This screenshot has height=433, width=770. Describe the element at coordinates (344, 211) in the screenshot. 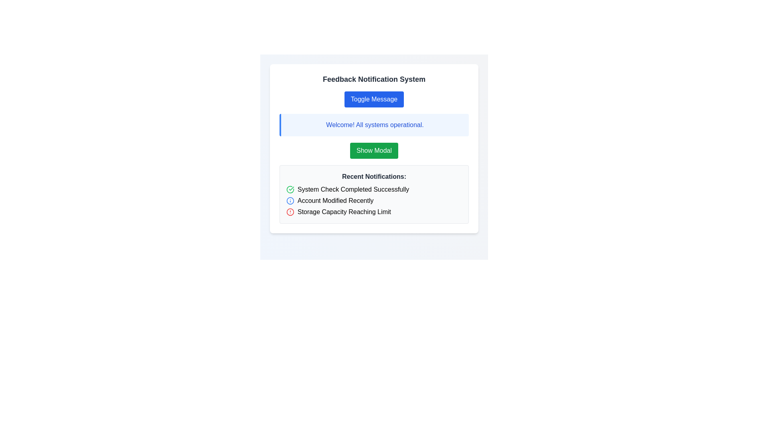

I see `the text label "Storage Capacity Reaching Limit"` at that location.